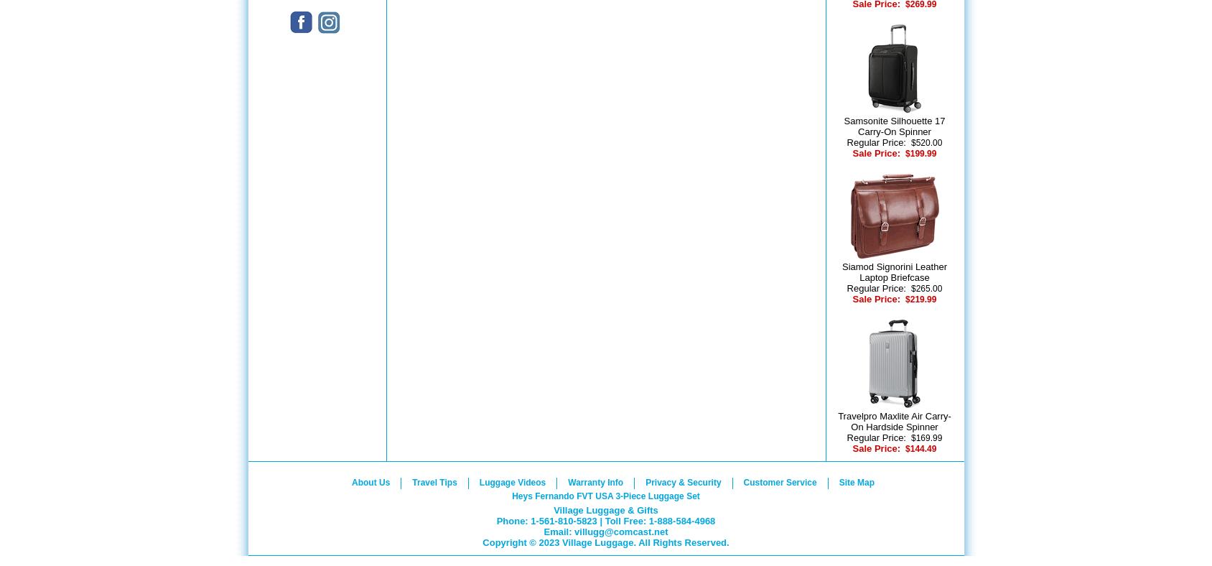 The height and width of the screenshot is (566, 1212). What do you see at coordinates (351, 482) in the screenshot?
I see `'About Us'` at bounding box center [351, 482].